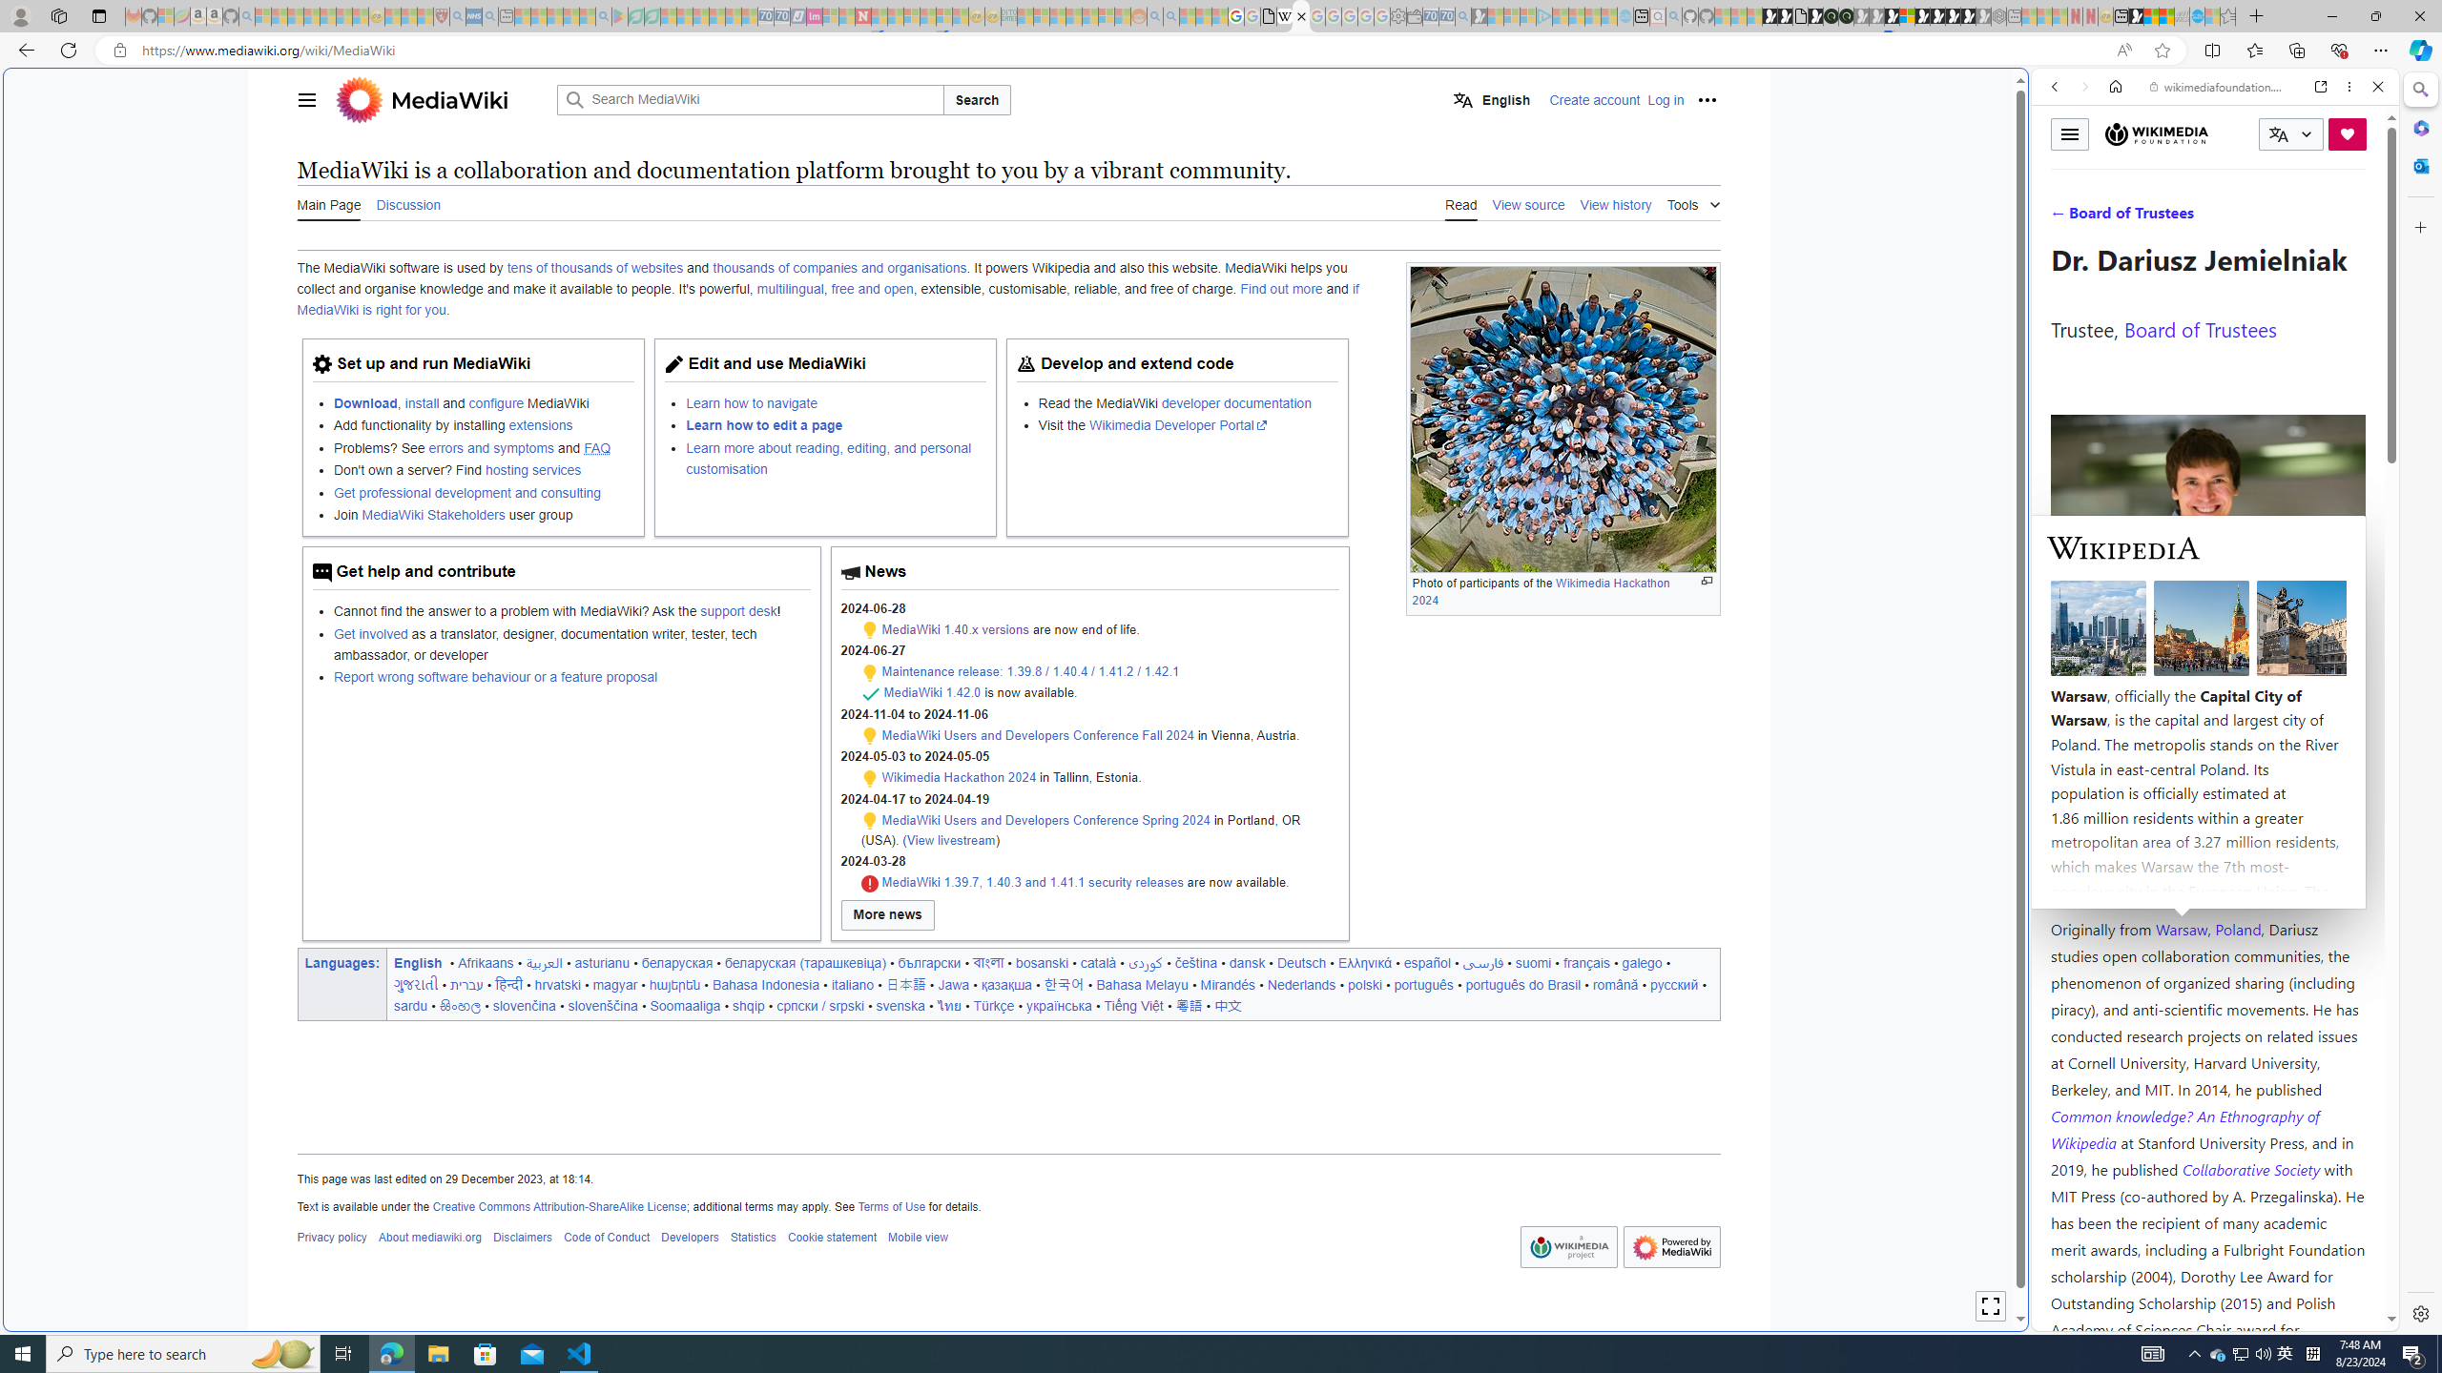 This screenshot has height=1373, width=2442. What do you see at coordinates (2181, 15) in the screenshot?
I see `'Navy Quest'` at bounding box center [2181, 15].